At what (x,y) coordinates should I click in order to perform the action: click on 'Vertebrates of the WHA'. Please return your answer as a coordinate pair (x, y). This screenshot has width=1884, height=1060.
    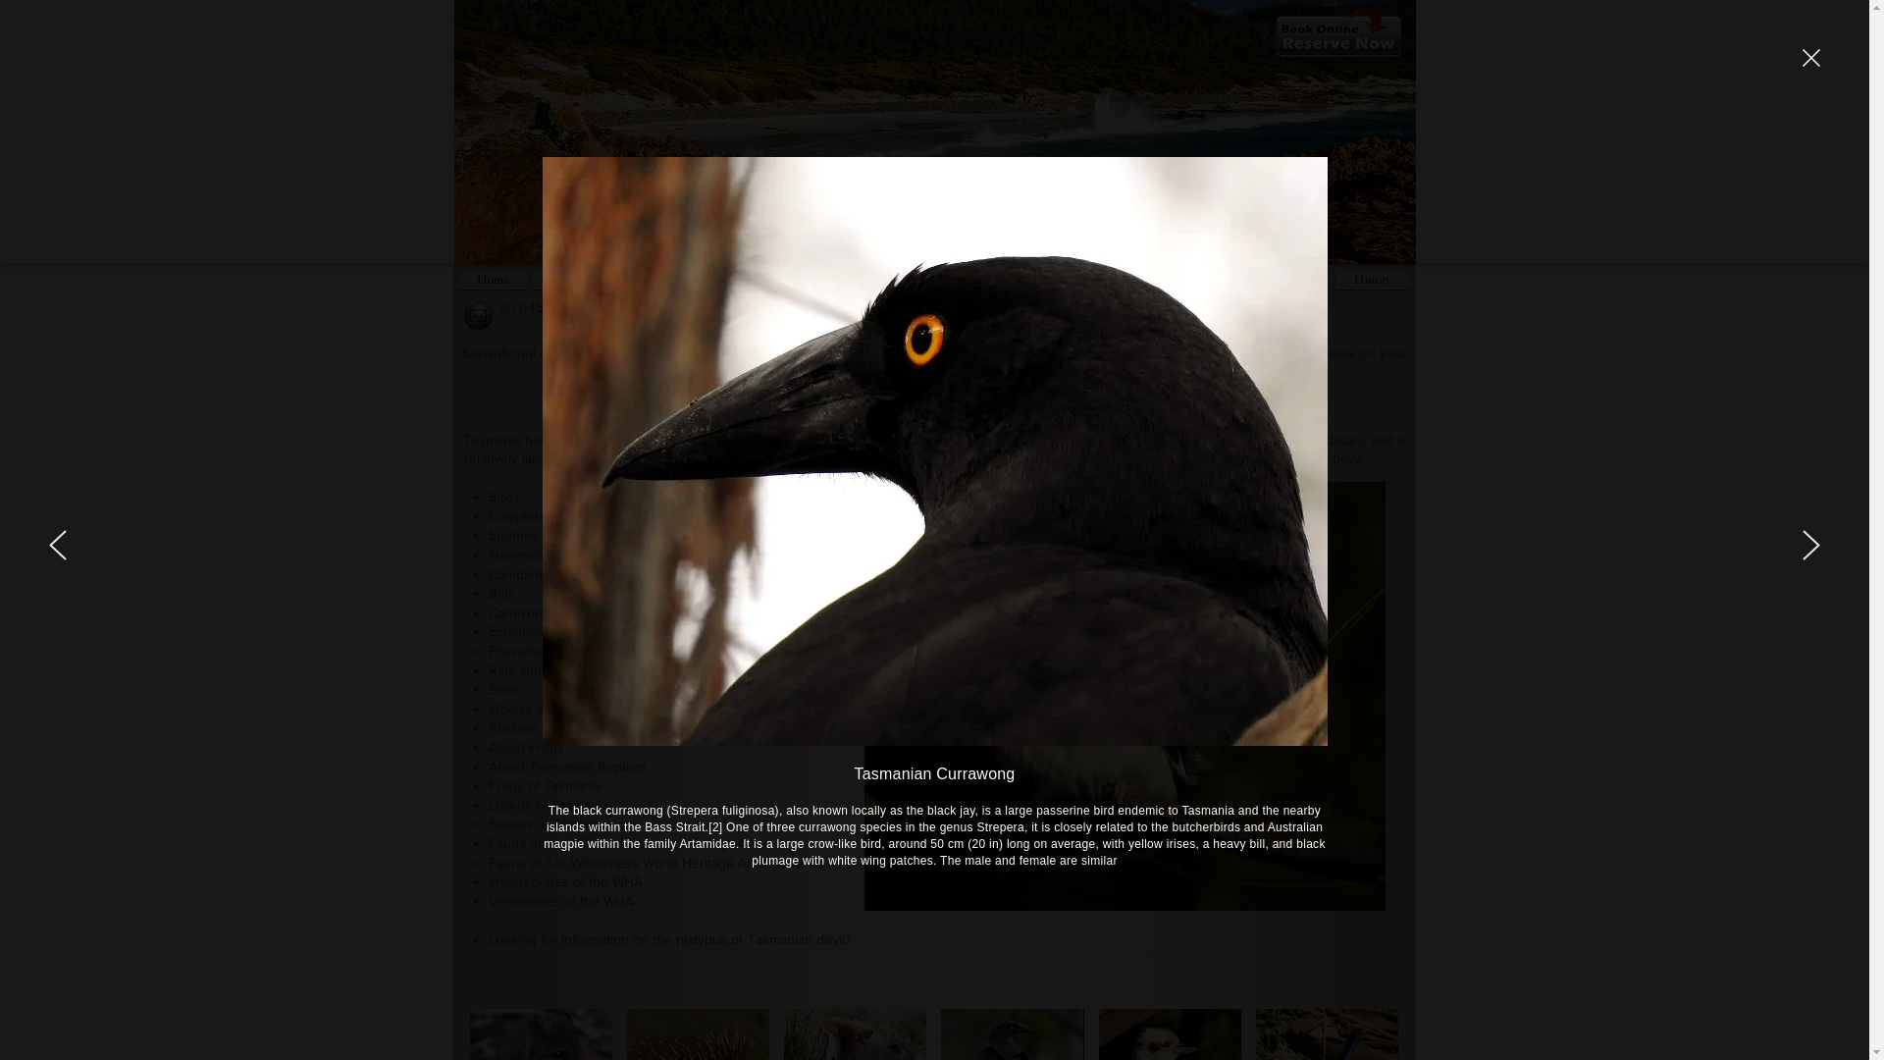
    Looking at the image, I should click on (559, 901).